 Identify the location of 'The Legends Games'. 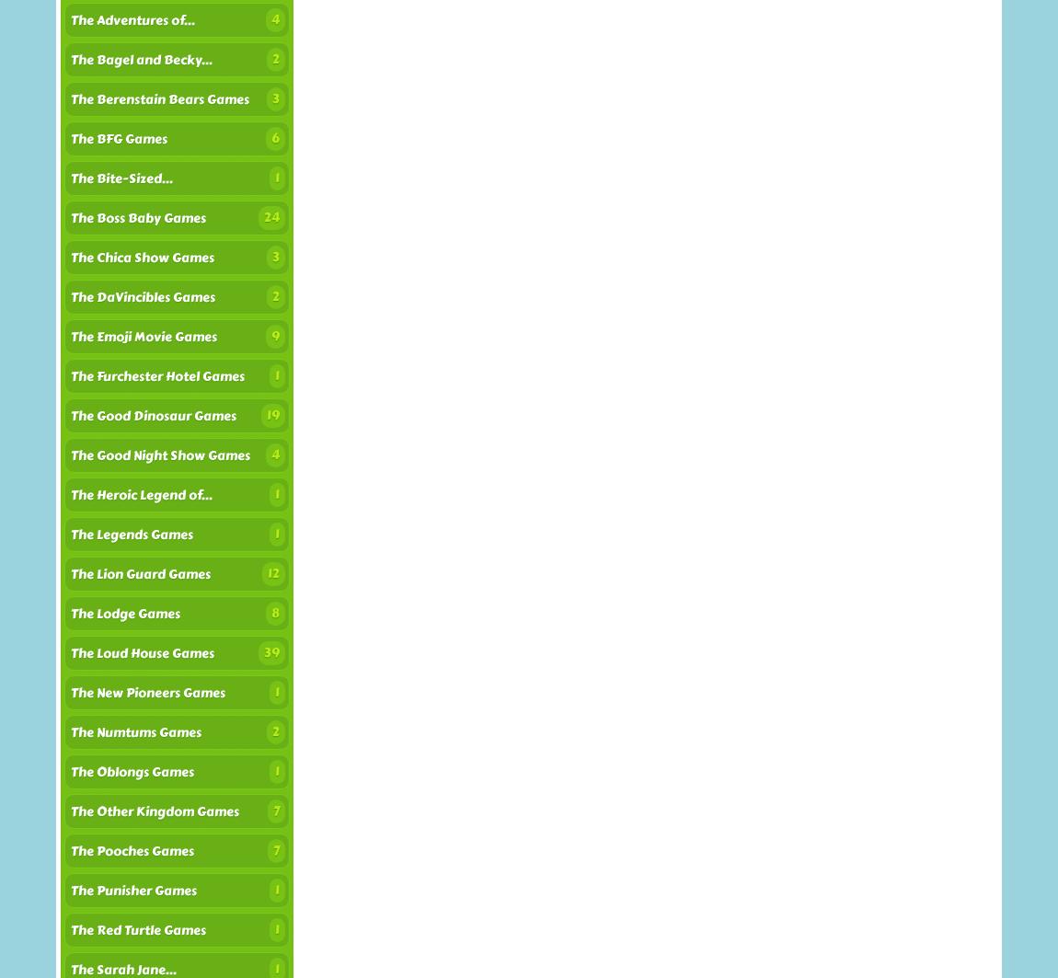
(70, 534).